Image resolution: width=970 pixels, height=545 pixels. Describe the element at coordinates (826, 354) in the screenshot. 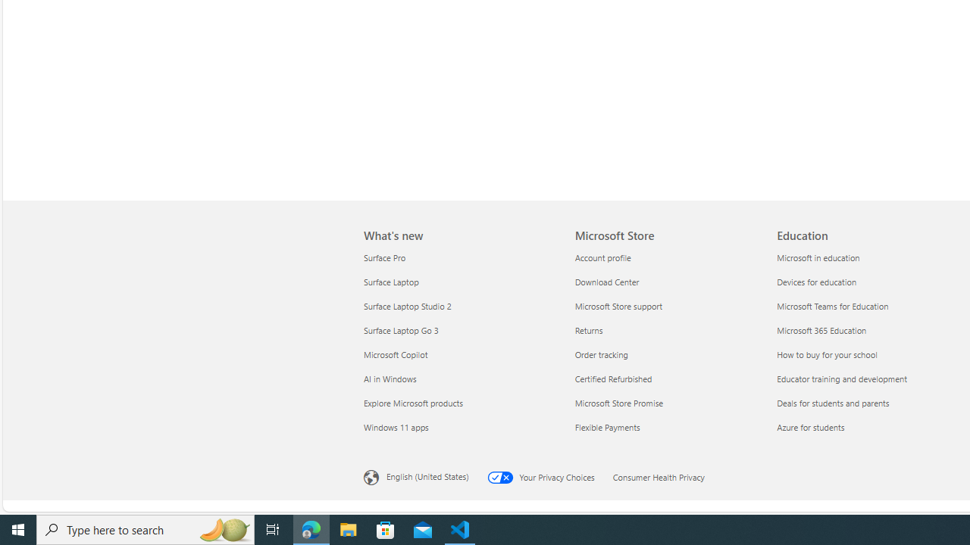

I see `'How to buy for your school Education'` at that location.